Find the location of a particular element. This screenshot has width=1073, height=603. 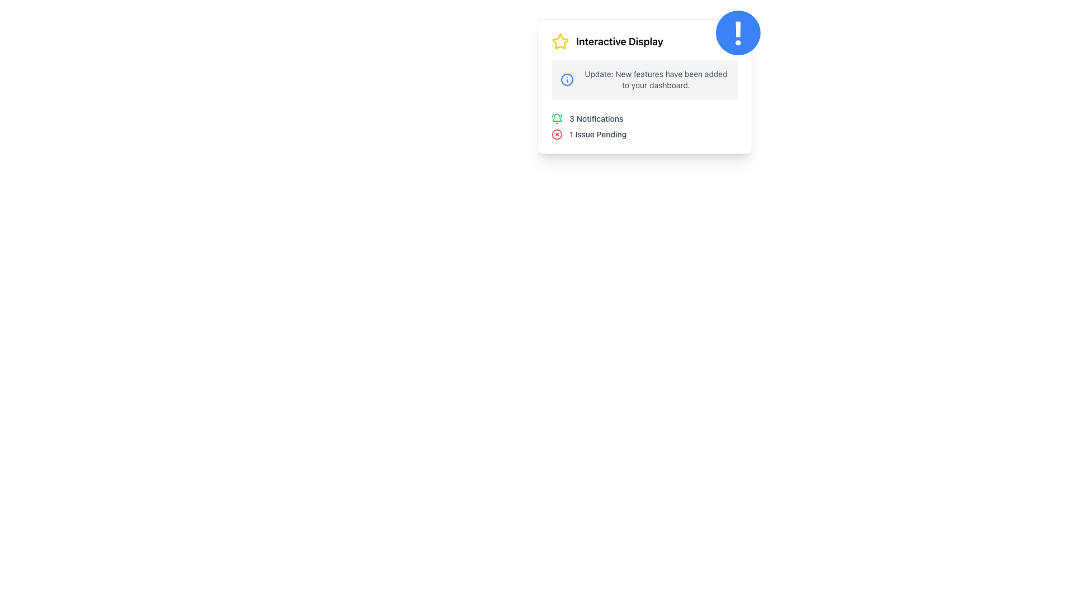

the star-shaped icon with a yellow outline located in the notification panel, to the left of the title 'Interactive Display' is located at coordinates (560, 40).